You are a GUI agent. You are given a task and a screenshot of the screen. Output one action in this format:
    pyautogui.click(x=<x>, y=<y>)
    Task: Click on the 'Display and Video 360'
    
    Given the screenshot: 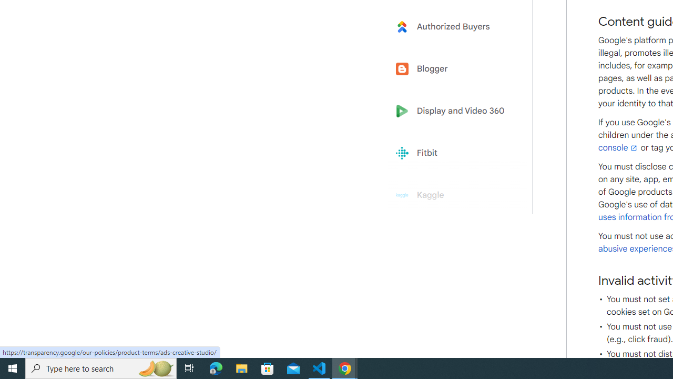 What is the action you would take?
    pyautogui.click(x=453, y=111)
    